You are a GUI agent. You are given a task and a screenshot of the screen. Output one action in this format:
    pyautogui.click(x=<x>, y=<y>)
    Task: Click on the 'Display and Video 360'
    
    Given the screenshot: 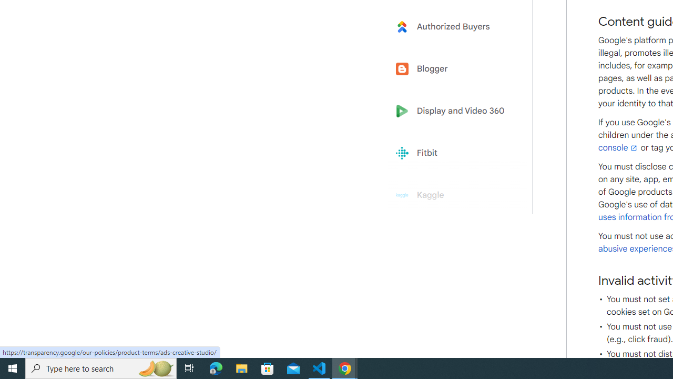 What is the action you would take?
    pyautogui.click(x=453, y=111)
    